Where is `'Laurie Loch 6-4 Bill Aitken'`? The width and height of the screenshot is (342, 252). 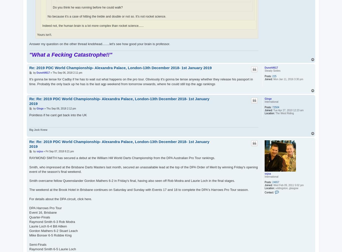
'Laurie Loch 6-4 Bill Aitken' is located at coordinates (48, 226).